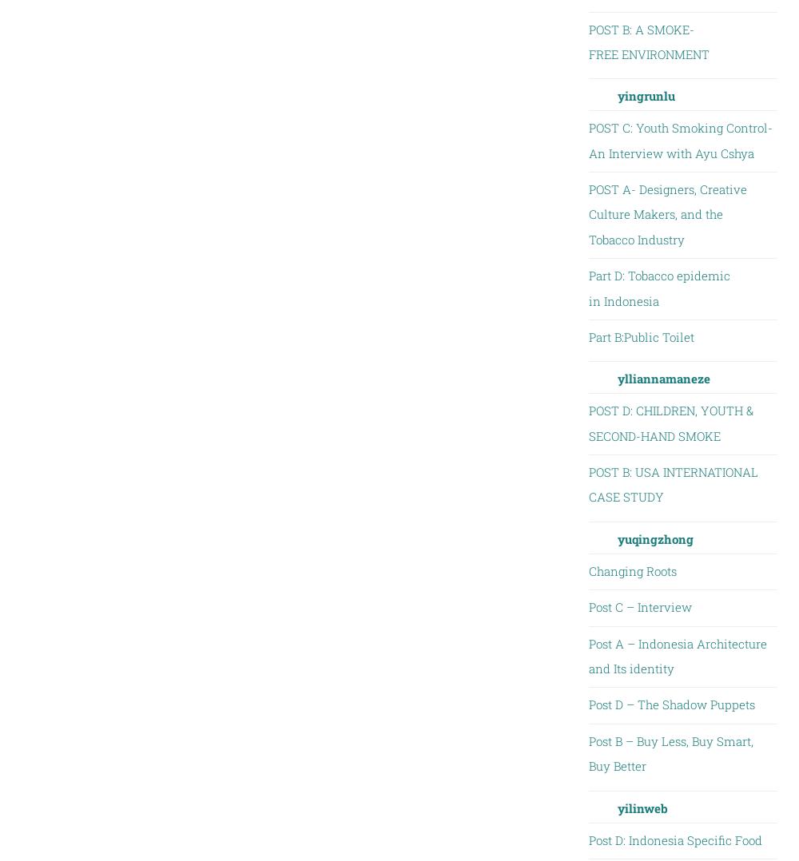 The height and width of the screenshot is (861, 799). What do you see at coordinates (672, 484) in the screenshot?
I see `'POST B: USA INTERNATIONAL CASE STUDY'` at bounding box center [672, 484].